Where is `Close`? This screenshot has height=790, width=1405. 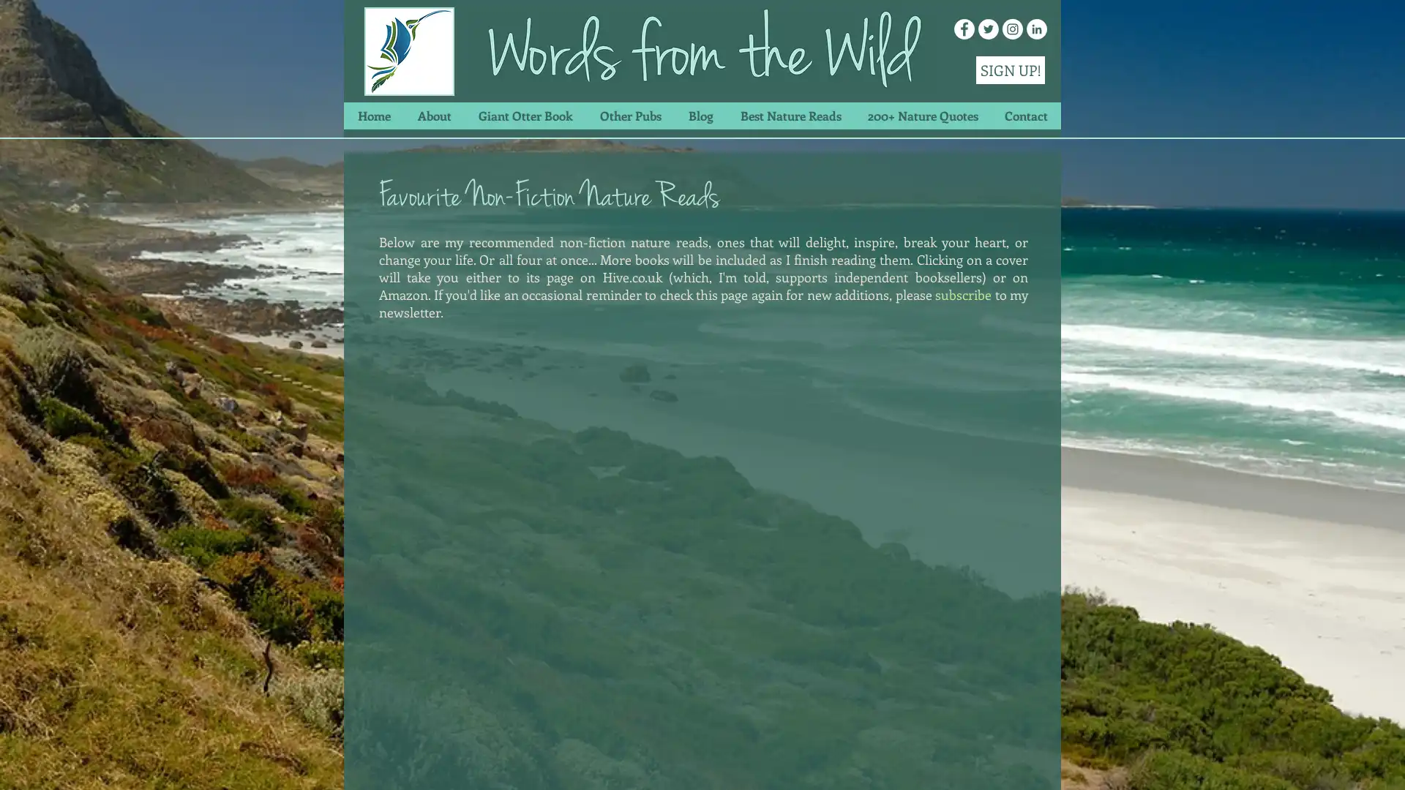
Close is located at coordinates (1387, 764).